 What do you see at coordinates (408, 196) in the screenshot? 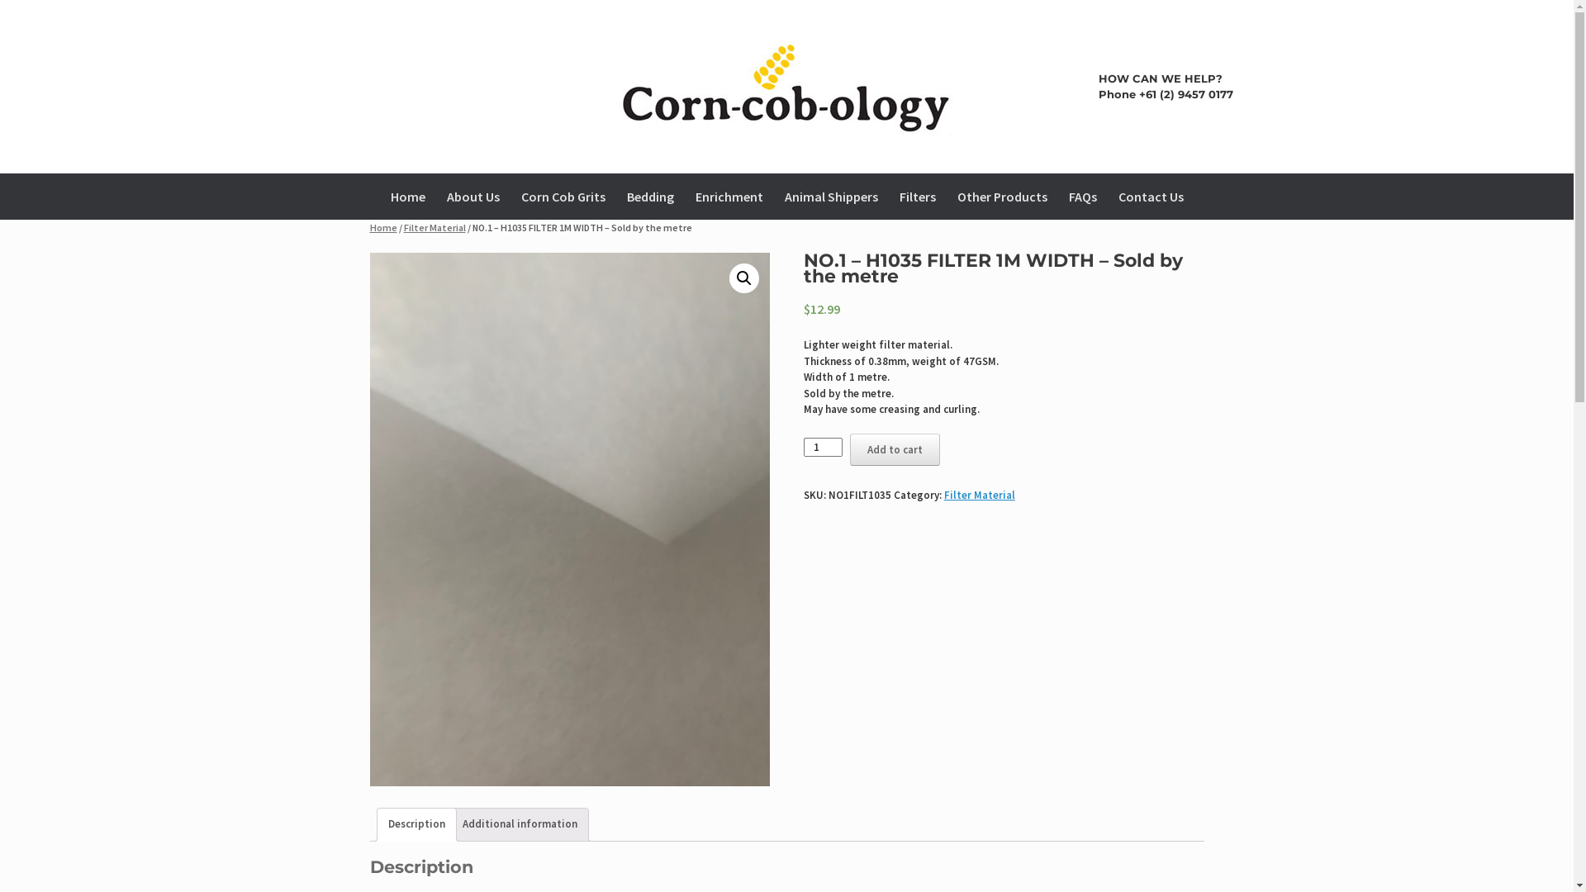
I see `'Home'` at bounding box center [408, 196].